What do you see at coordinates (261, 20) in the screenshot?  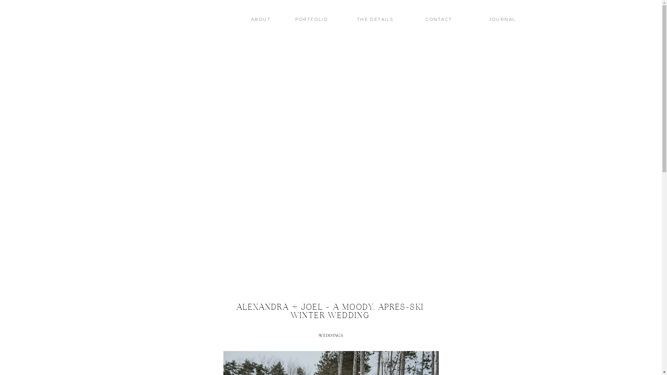 I see `'ABOUT'` at bounding box center [261, 20].